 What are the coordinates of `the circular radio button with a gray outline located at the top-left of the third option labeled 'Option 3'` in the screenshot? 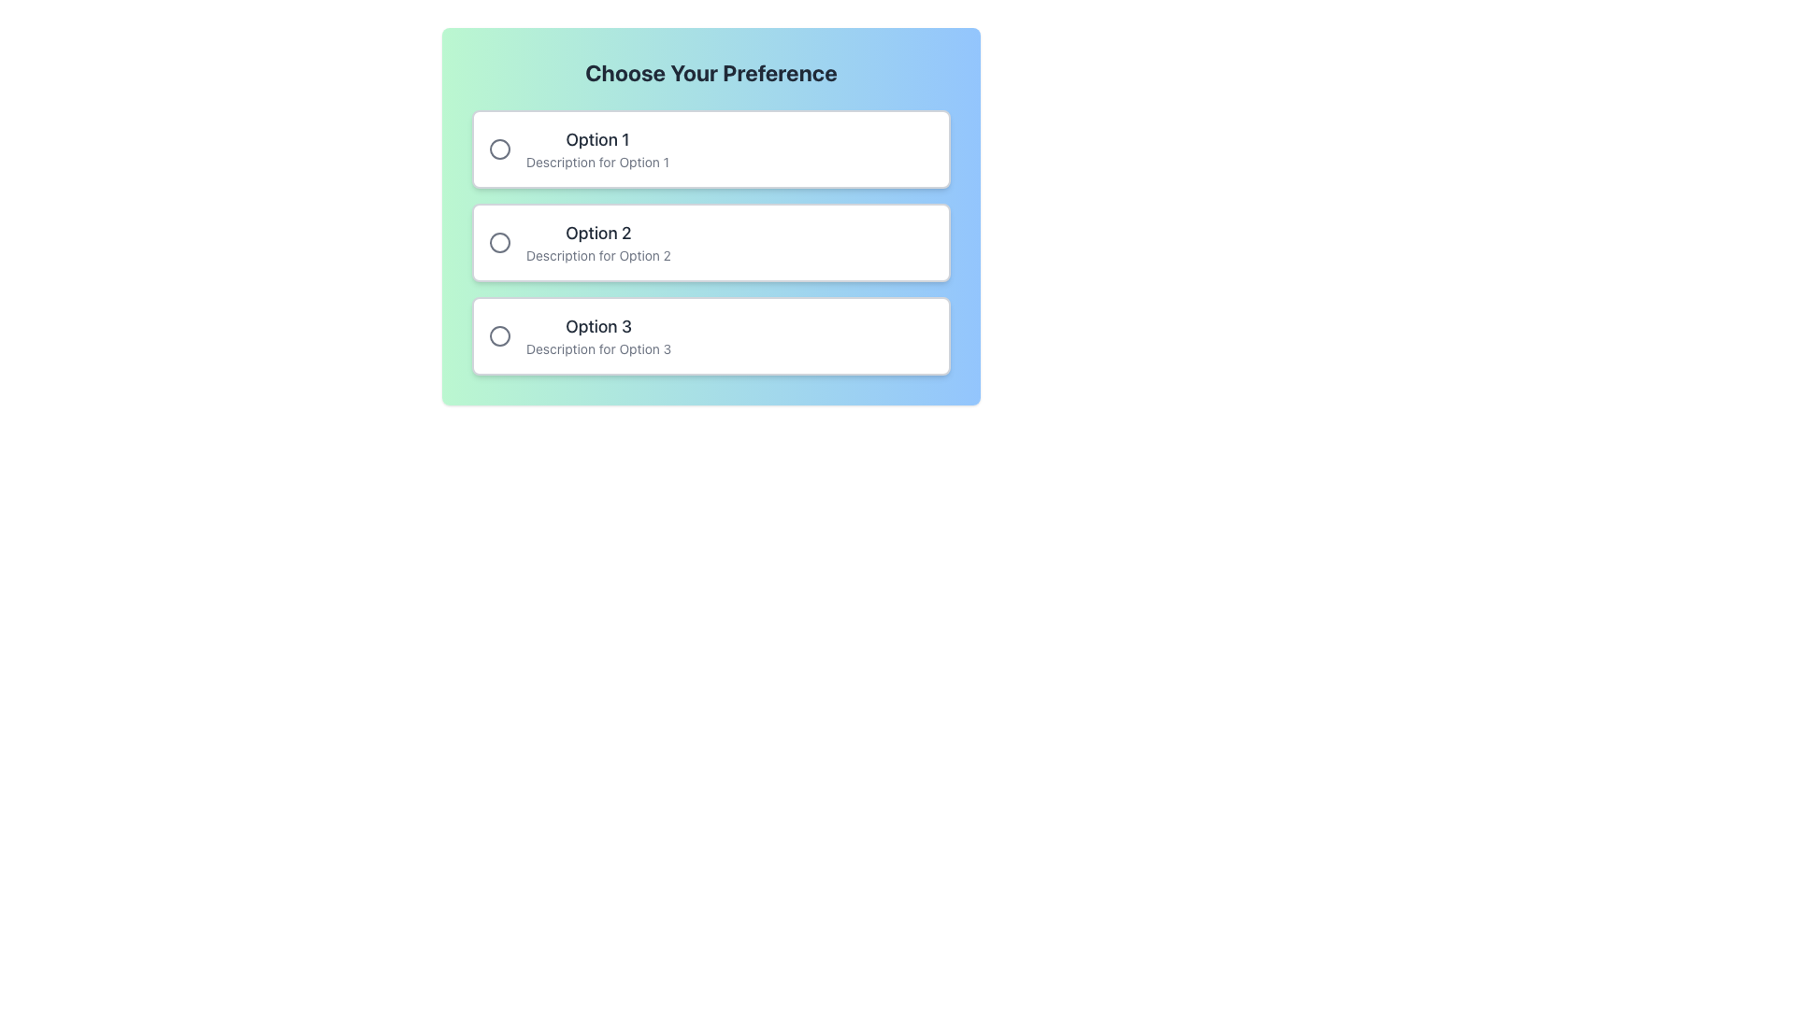 It's located at (499, 334).